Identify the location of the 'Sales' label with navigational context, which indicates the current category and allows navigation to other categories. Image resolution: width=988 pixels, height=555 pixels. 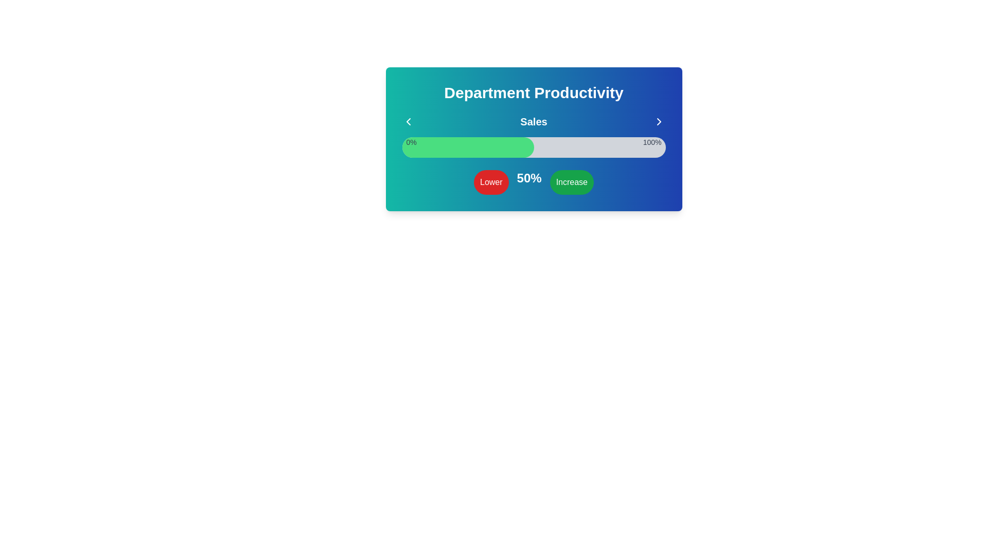
(534, 121).